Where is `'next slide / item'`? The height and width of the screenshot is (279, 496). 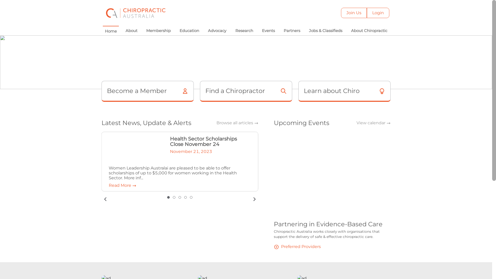 'next slide / item' is located at coordinates (250, 199).